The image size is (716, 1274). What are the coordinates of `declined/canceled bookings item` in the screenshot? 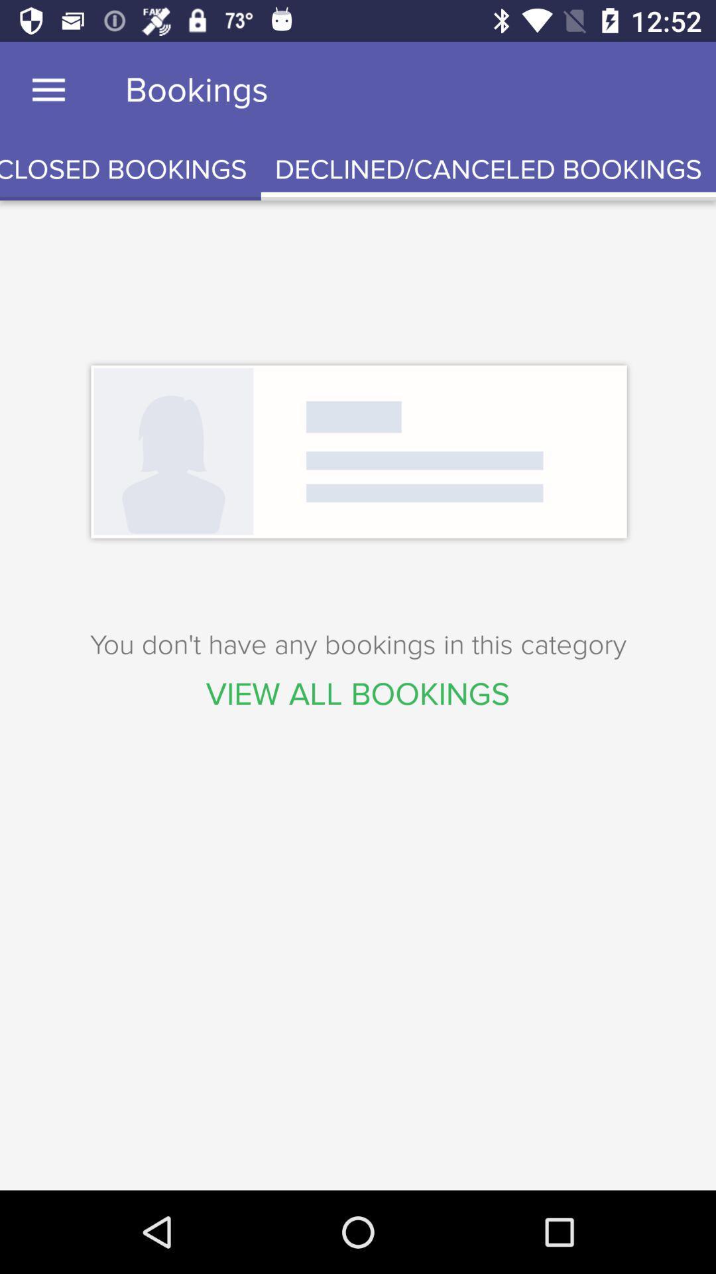 It's located at (488, 169).